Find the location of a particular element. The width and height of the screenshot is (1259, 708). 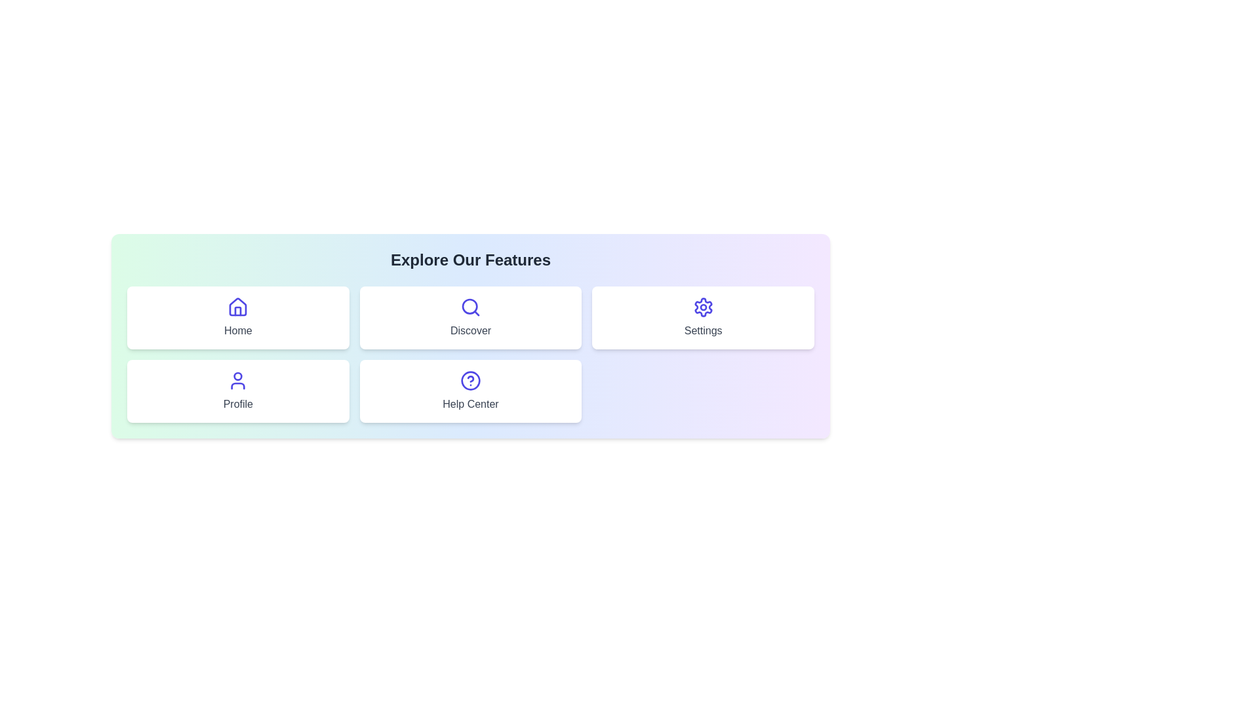

text label indicating the 'Settings' functionality, located beneath the gear icon in the top-right corner of the grid interface is located at coordinates (702, 330).